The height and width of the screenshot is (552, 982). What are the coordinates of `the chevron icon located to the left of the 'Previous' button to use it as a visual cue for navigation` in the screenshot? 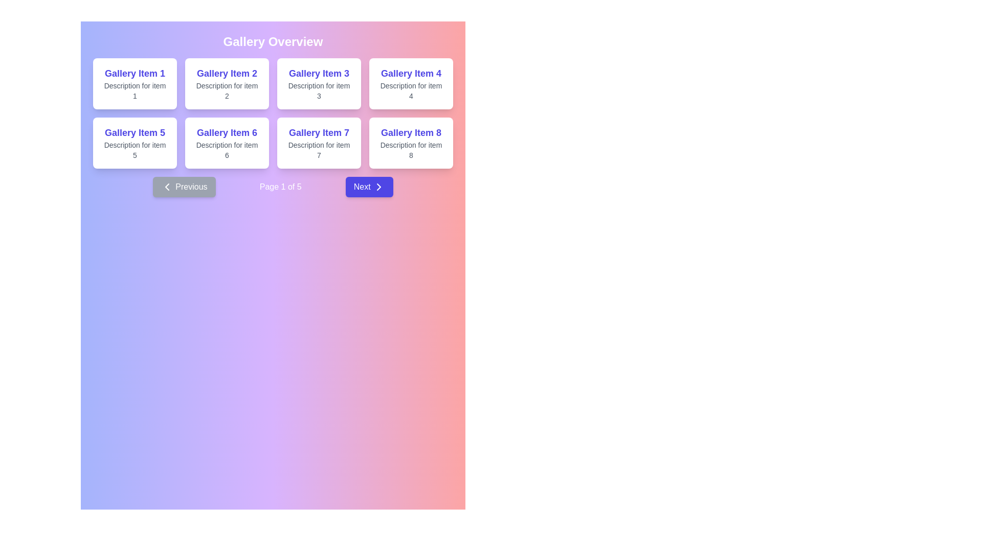 It's located at (167, 187).